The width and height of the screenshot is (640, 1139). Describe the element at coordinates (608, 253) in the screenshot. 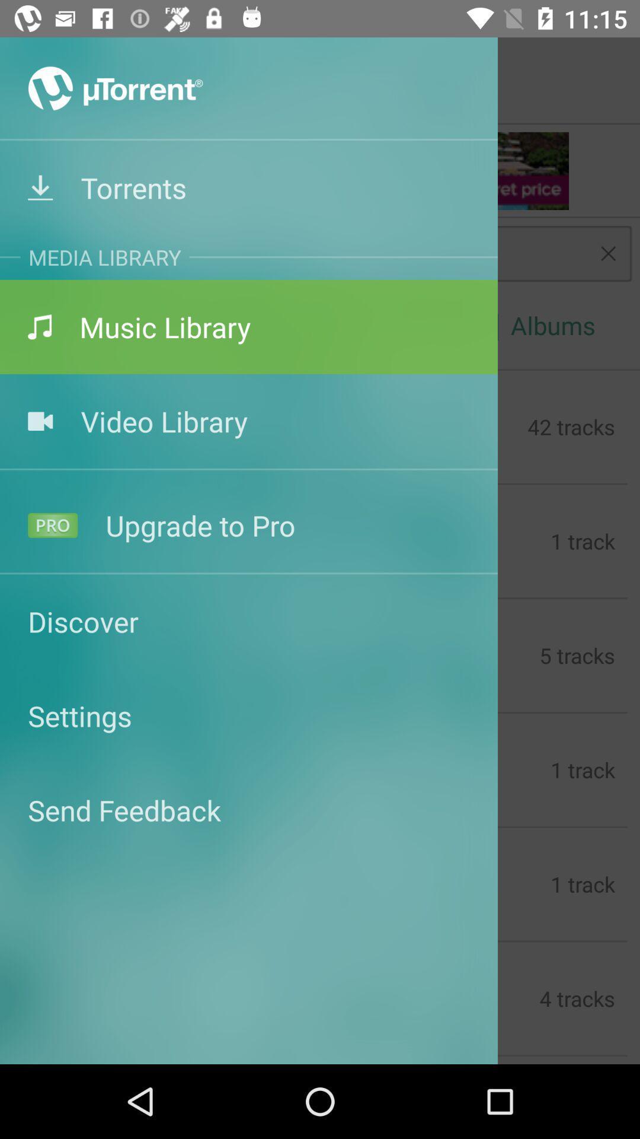

I see `the close icon` at that location.